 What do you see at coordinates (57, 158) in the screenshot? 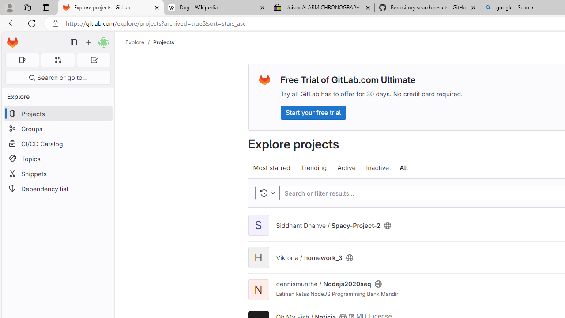
I see `'Topics'` at bounding box center [57, 158].